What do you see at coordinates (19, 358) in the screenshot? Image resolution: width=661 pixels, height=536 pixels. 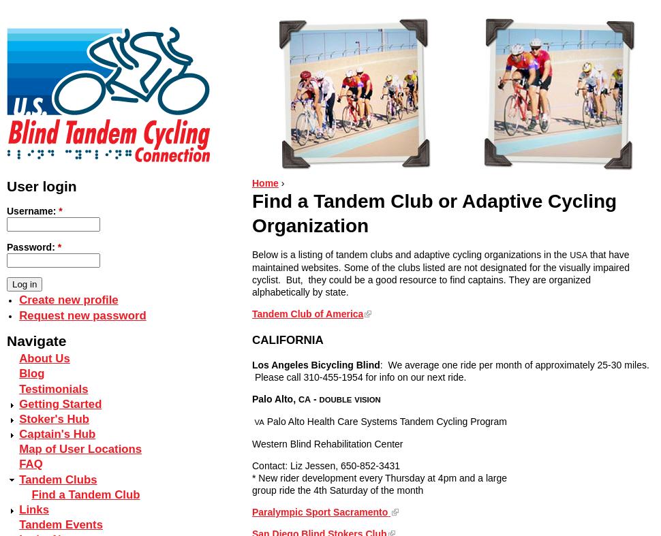 I see `'About Us'` at bounding box center [19, 358].